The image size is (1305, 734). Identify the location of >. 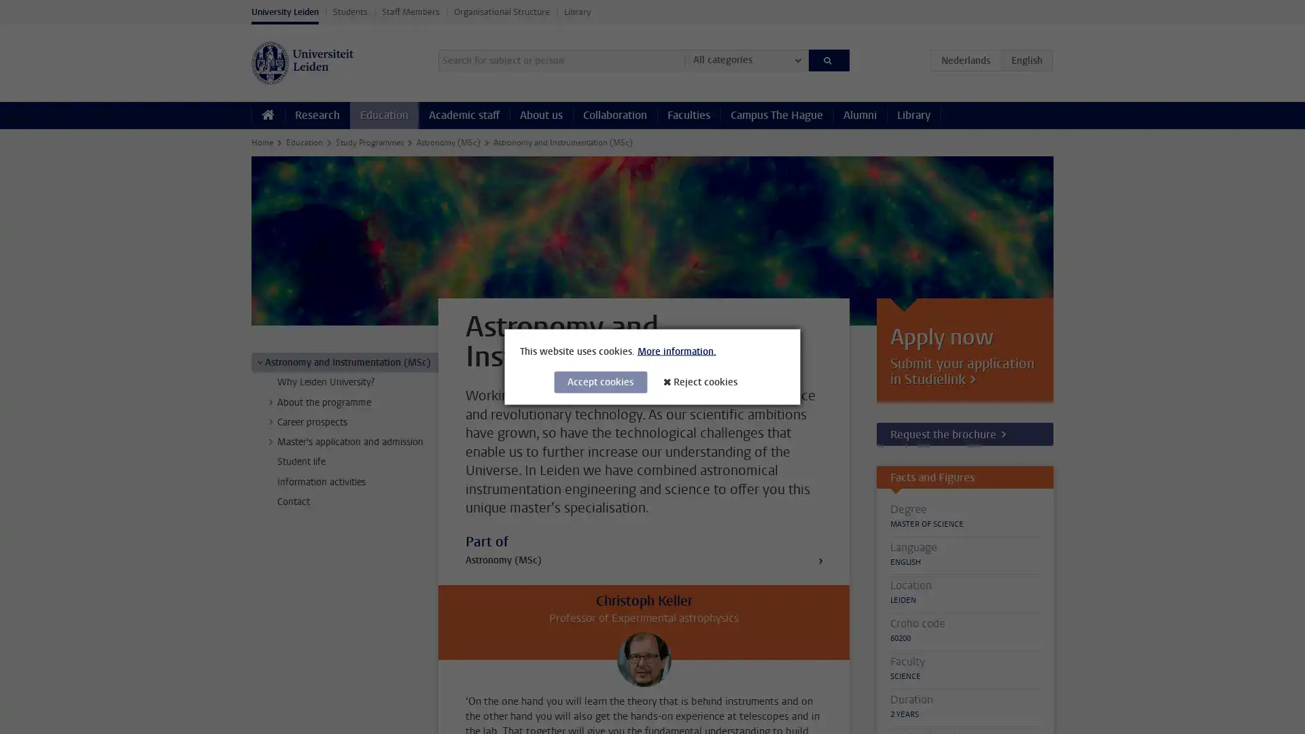
(271, 421).